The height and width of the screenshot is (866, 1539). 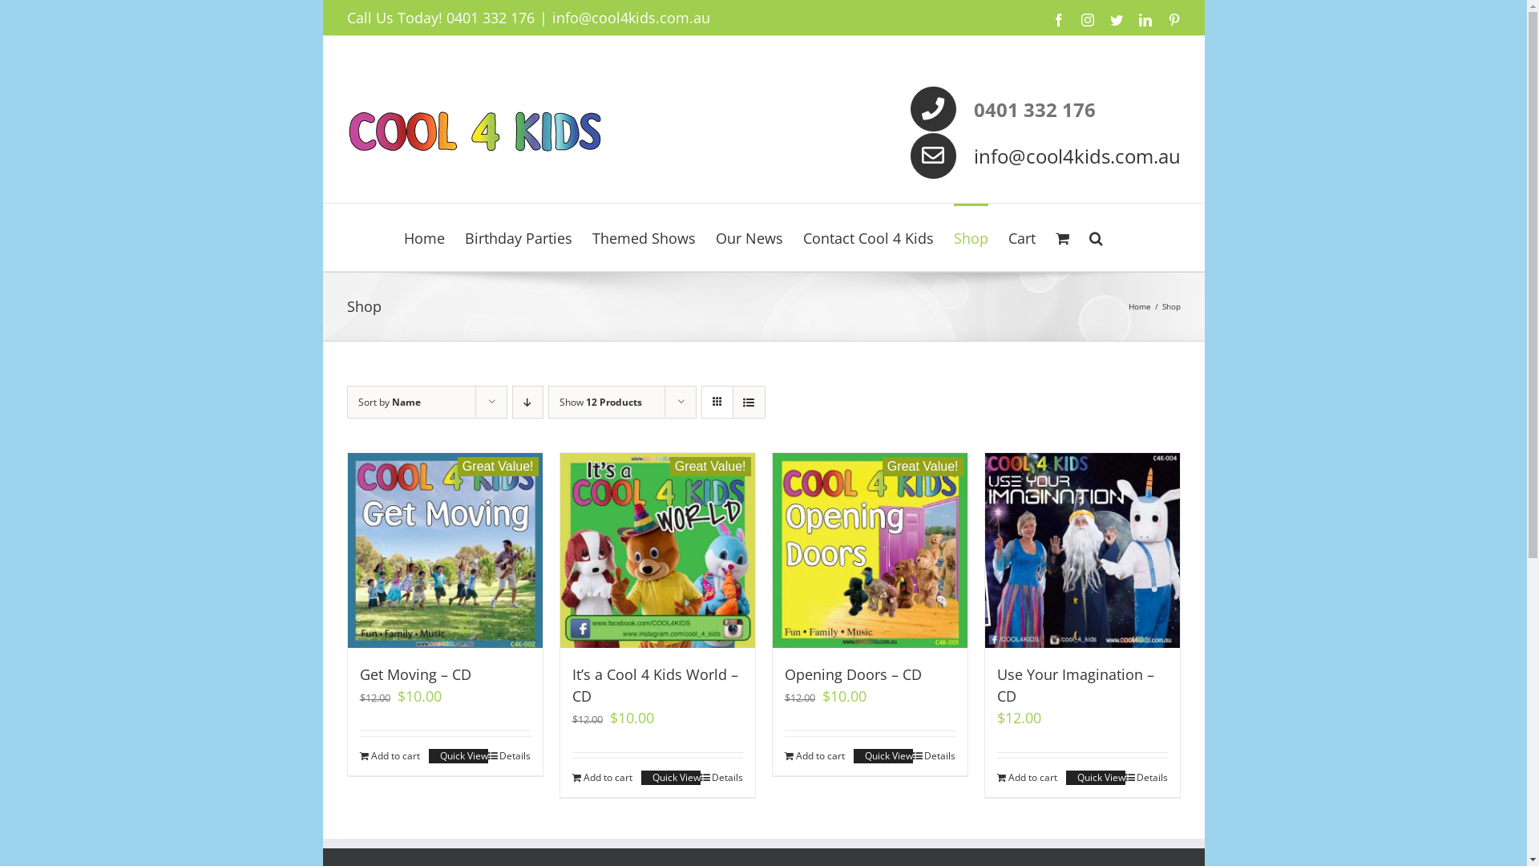 What do you see at coordinates (1051, 19) in the screenshot?
I see `'Facebook'` at bounding box center [1051, 19].